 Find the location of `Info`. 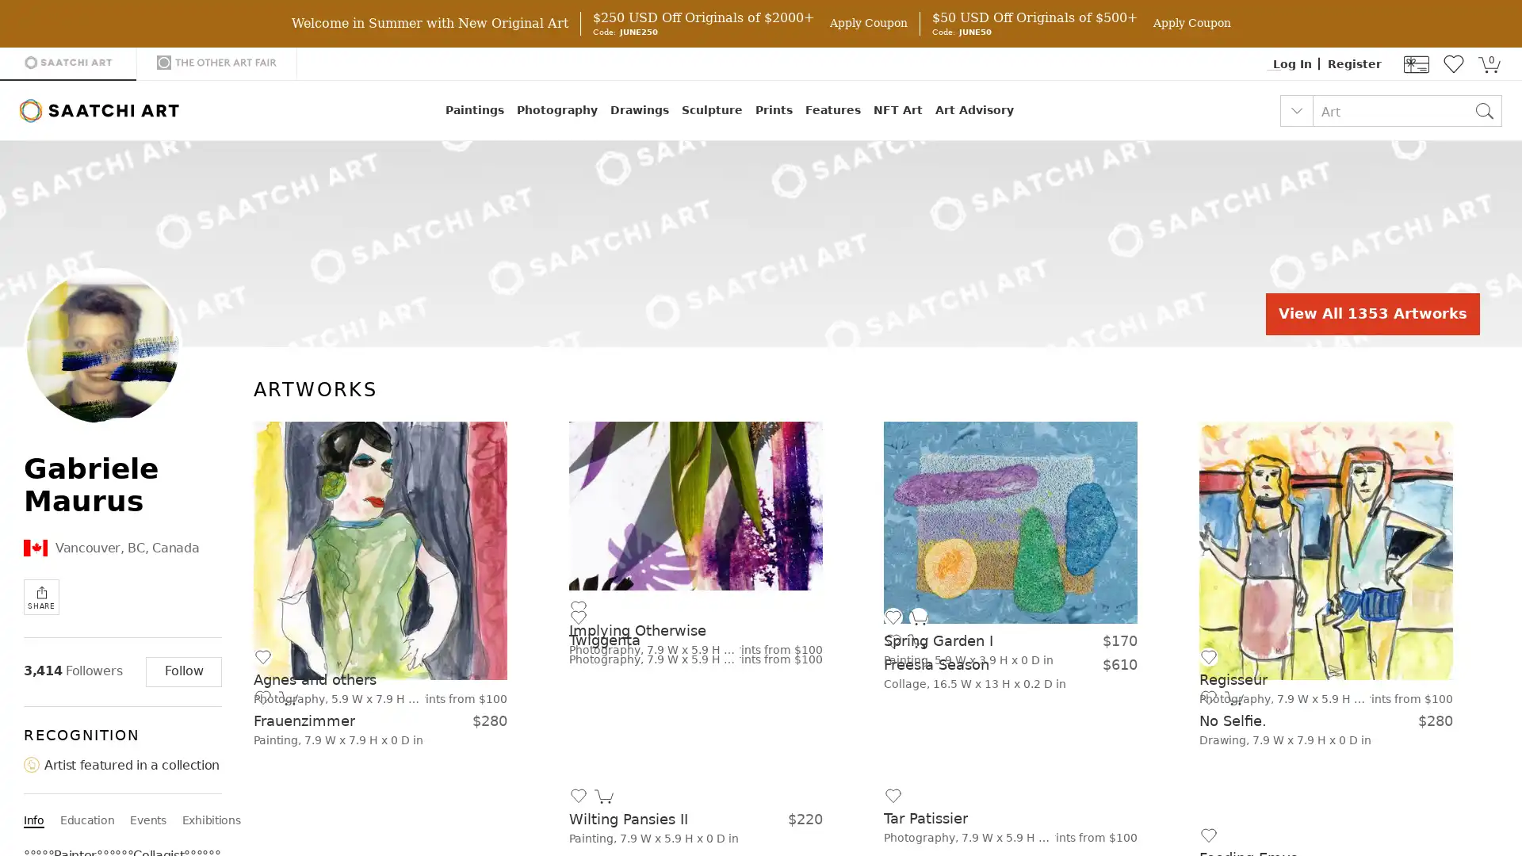

Info is located at coordinates (33, 820).